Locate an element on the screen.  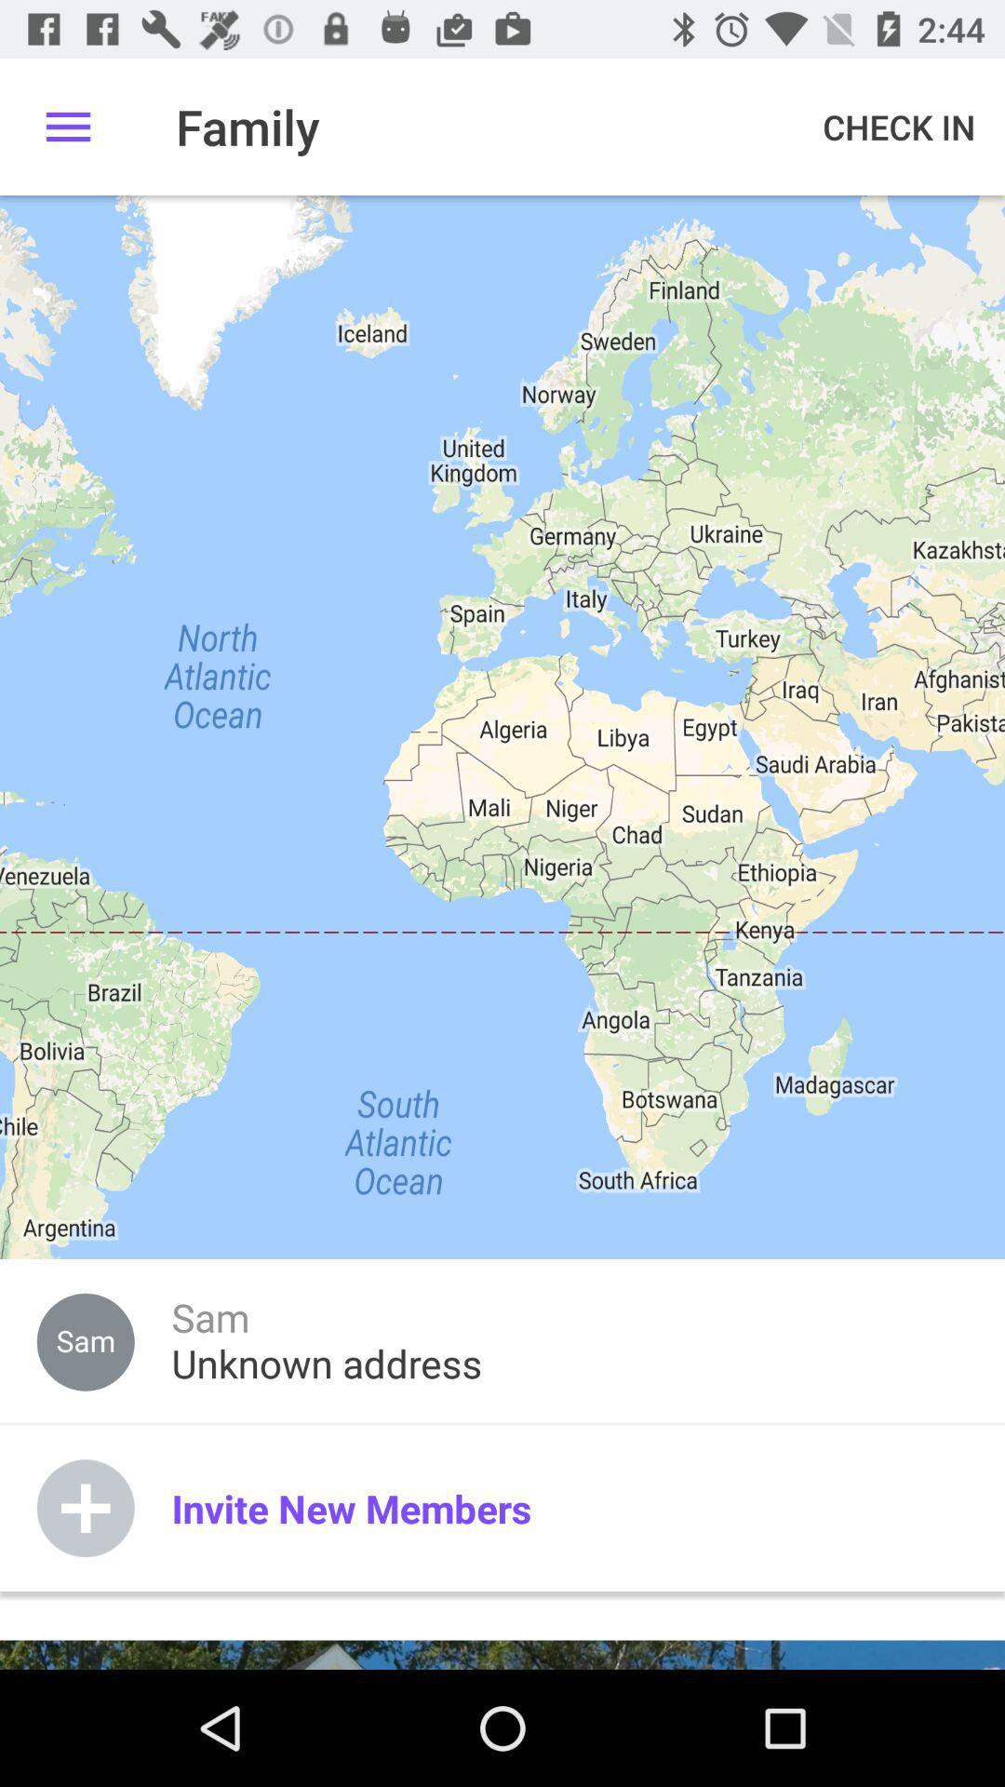
icon to the right of family is located at coordinates (898, 126).